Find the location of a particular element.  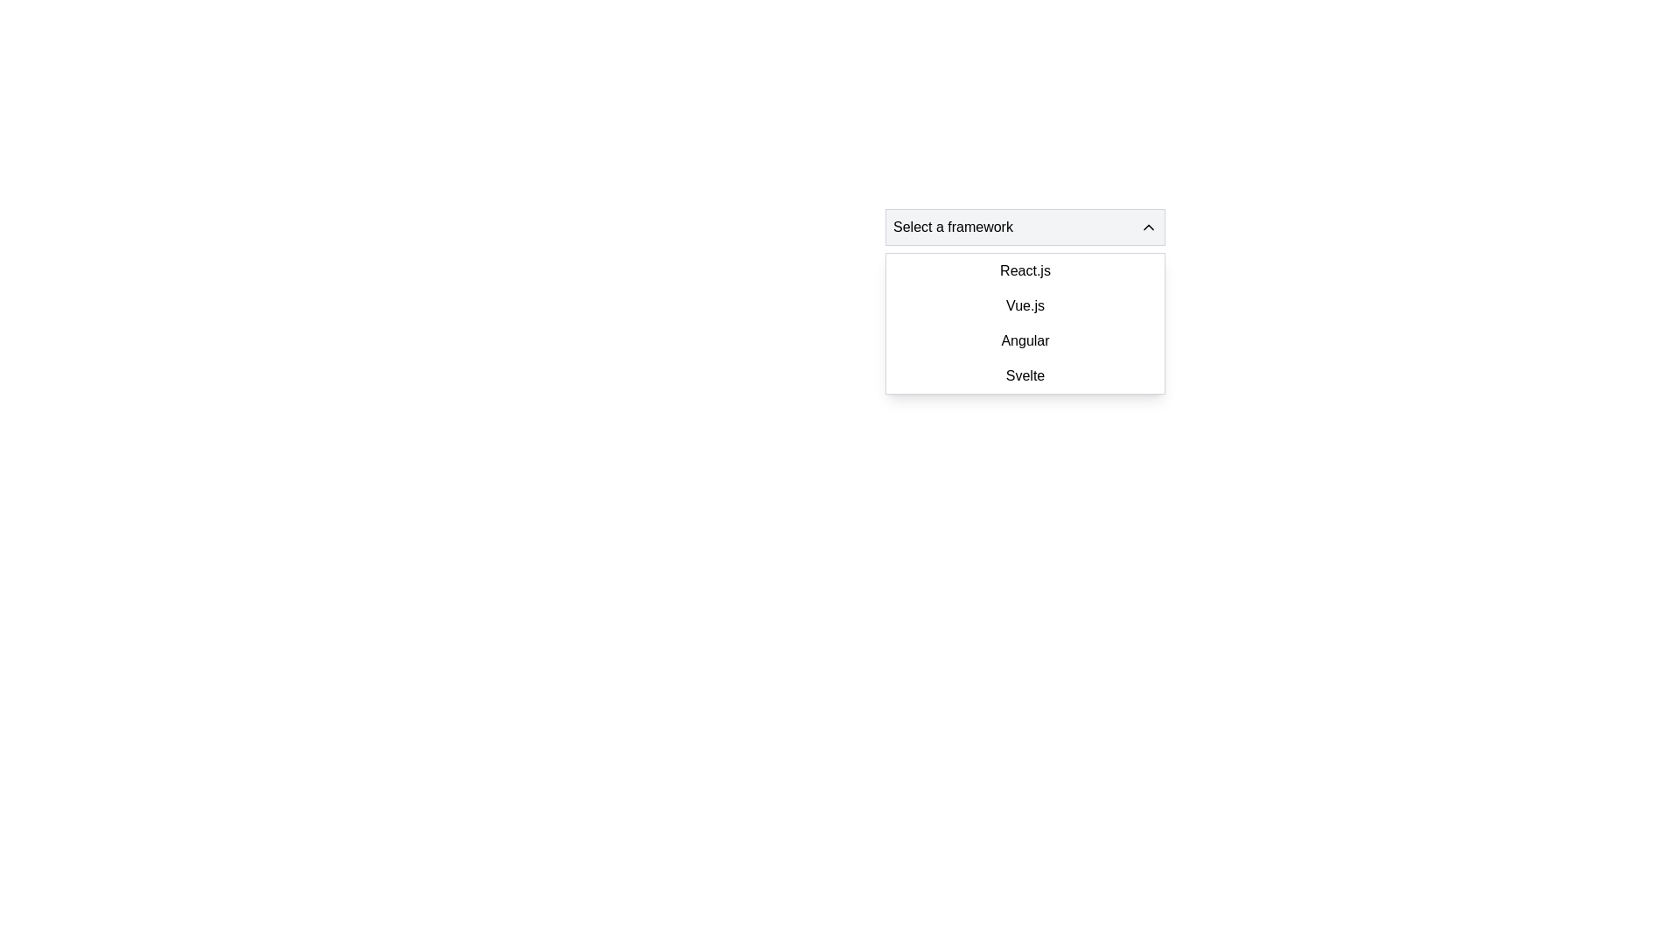

the 'Vue.js' option in the dropdown menu is located at coordinates (1025, 305).